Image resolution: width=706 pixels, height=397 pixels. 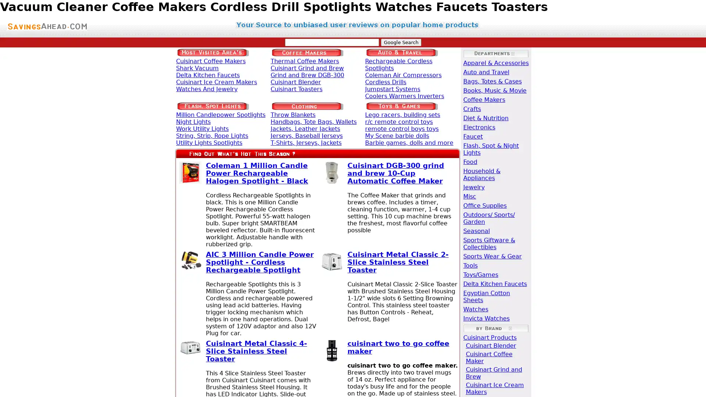 What do you see at coordinates (400, 42) in the screenshot?
I see `Google Search` at bounding box center [400, 42].